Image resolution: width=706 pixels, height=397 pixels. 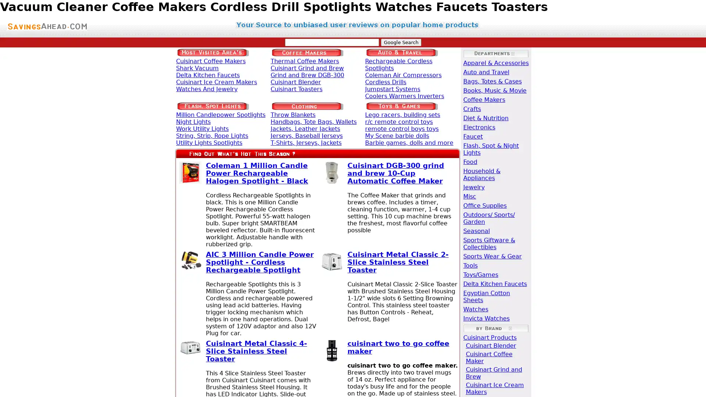 What do you see at coordinates (400, 42) in the screenshot?
I see `Google Search` at bounding box center [400, 42].